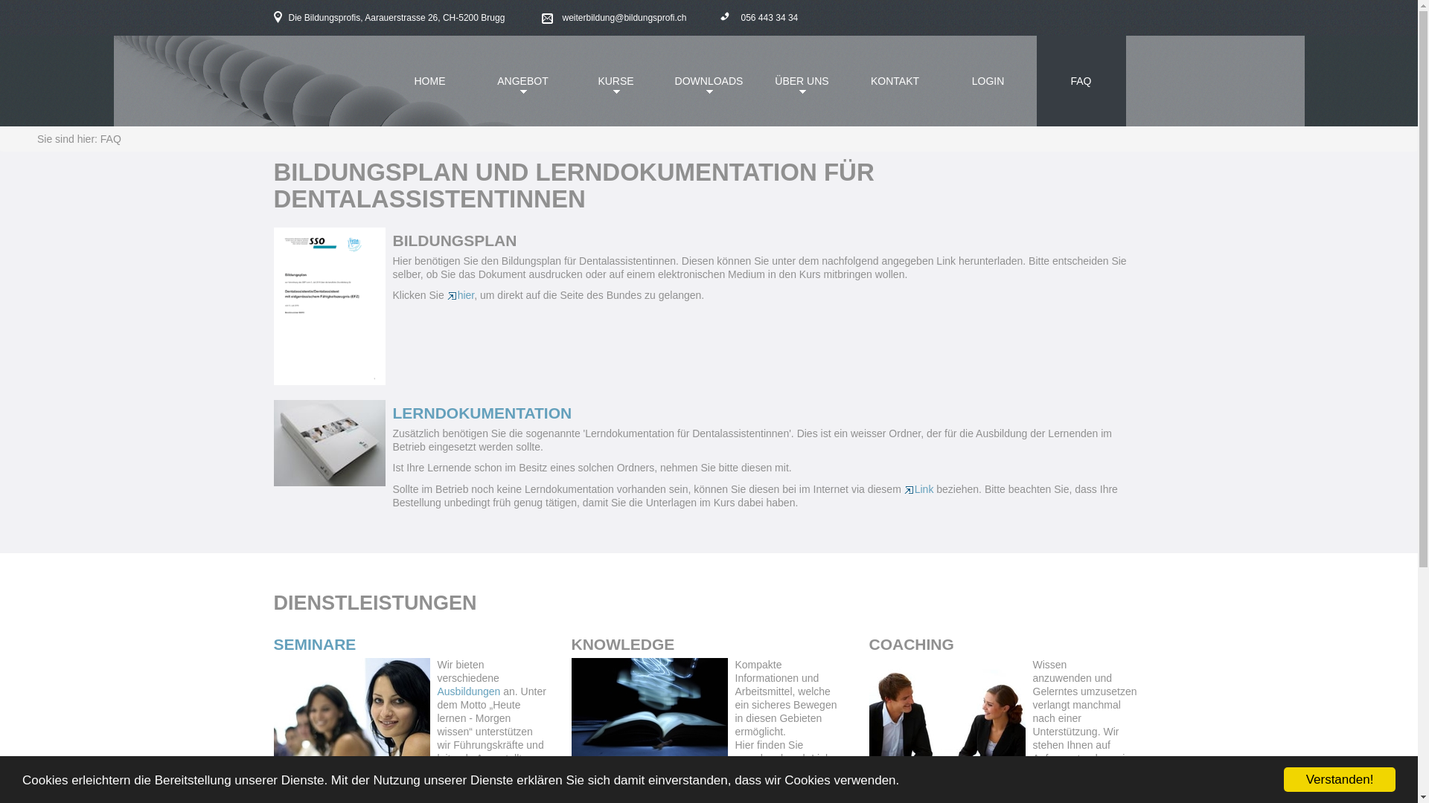 The width and height of the screenshot is (1429, 803). What do you see at coordinates (1035, 80) in the screenshot?
I see `'FAQ'` at bounding box center [1035, 80].